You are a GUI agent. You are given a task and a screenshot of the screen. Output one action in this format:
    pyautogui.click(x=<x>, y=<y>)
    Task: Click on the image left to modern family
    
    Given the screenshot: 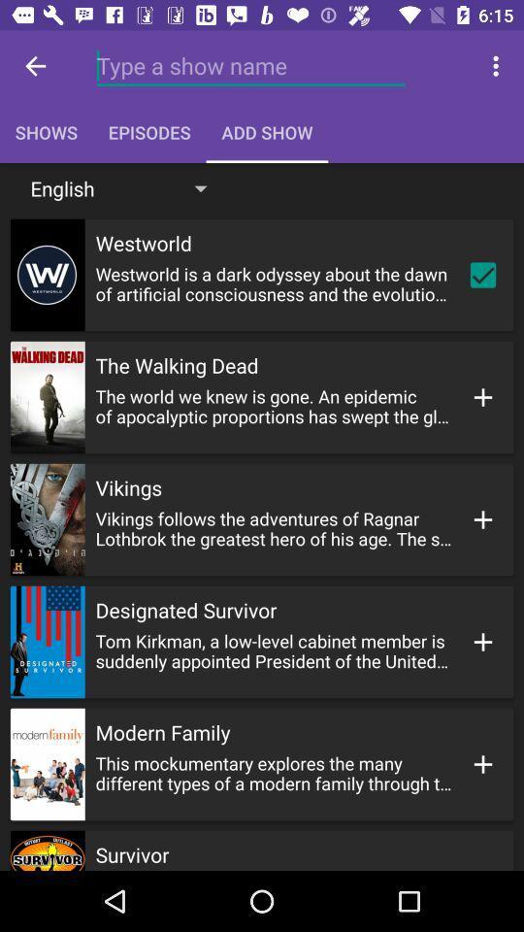 What is the action you would take?
    pyautogui.click(x=48, y=764)
    